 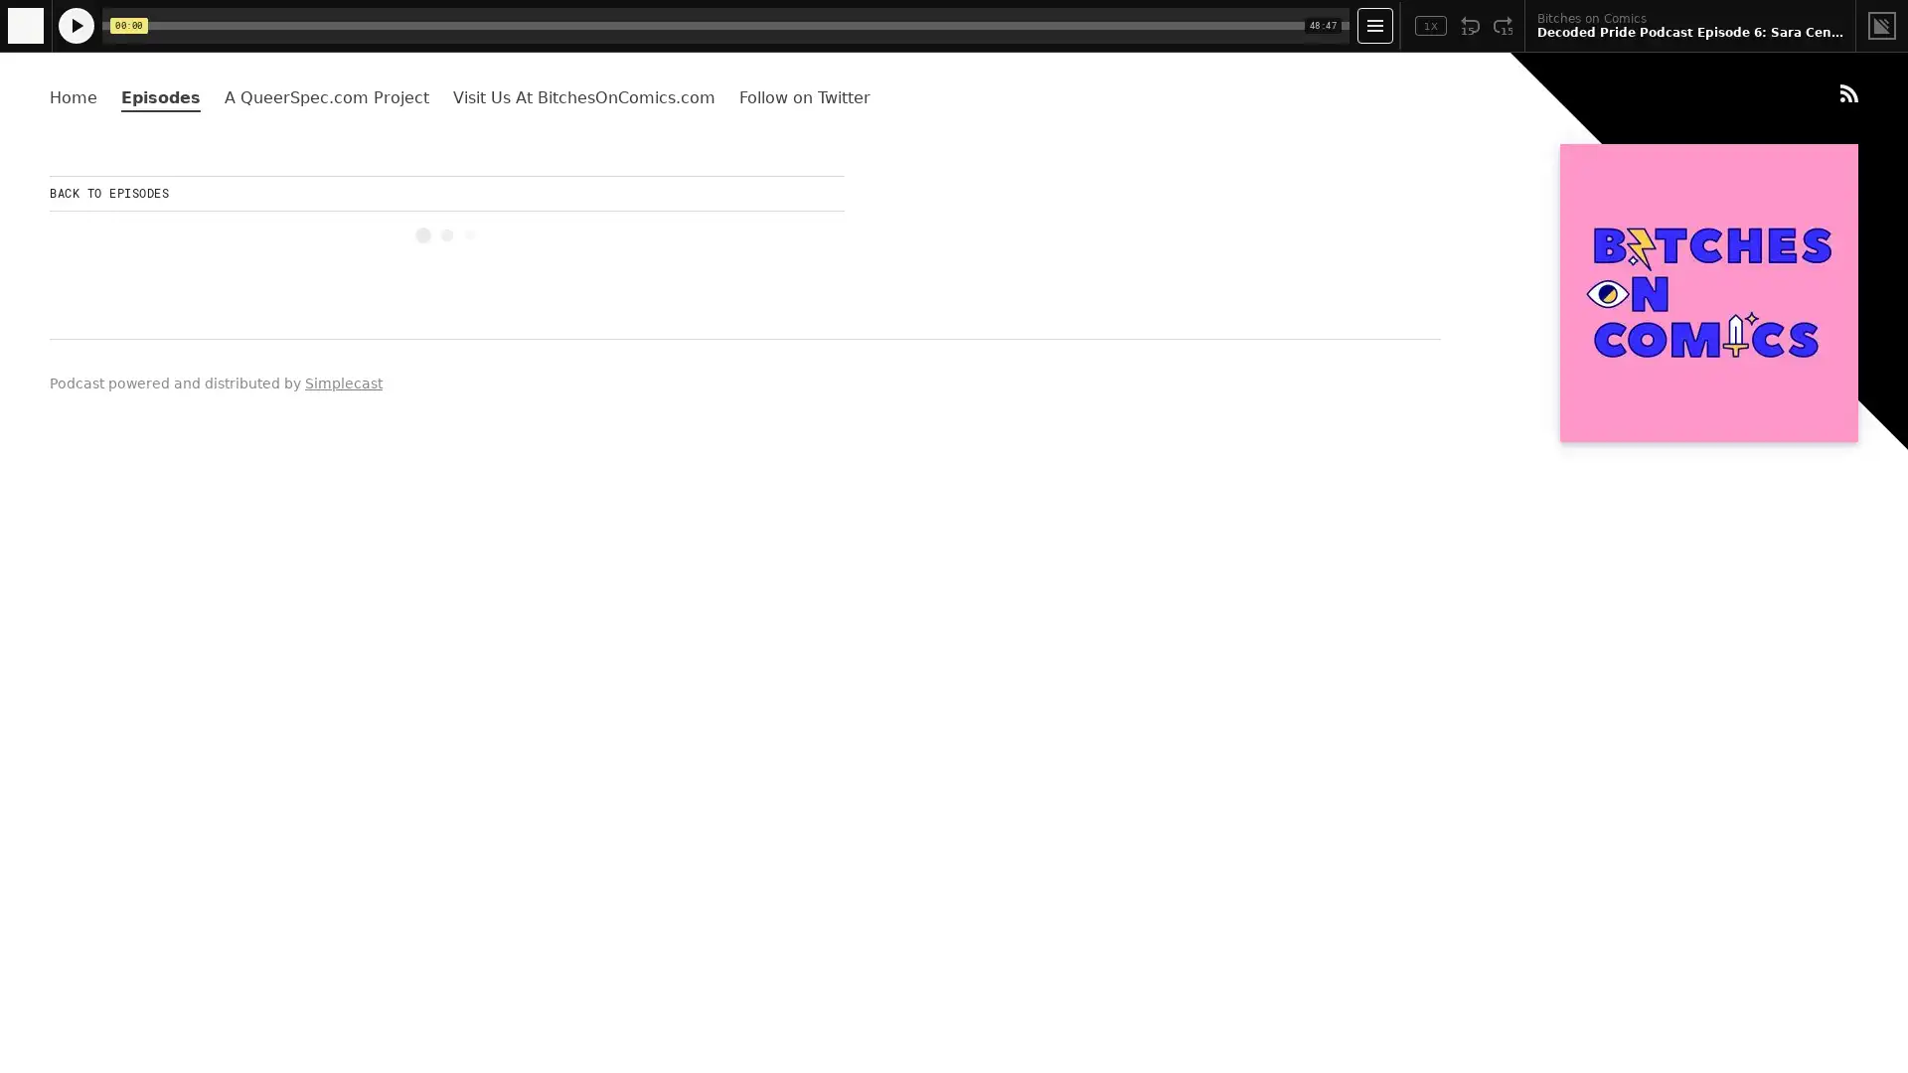 What do you see at coordinates (1431, 26) in the screenshot?
I see `Toggle Speed: Current Speed 1x` at bounding box center [1431, 26].